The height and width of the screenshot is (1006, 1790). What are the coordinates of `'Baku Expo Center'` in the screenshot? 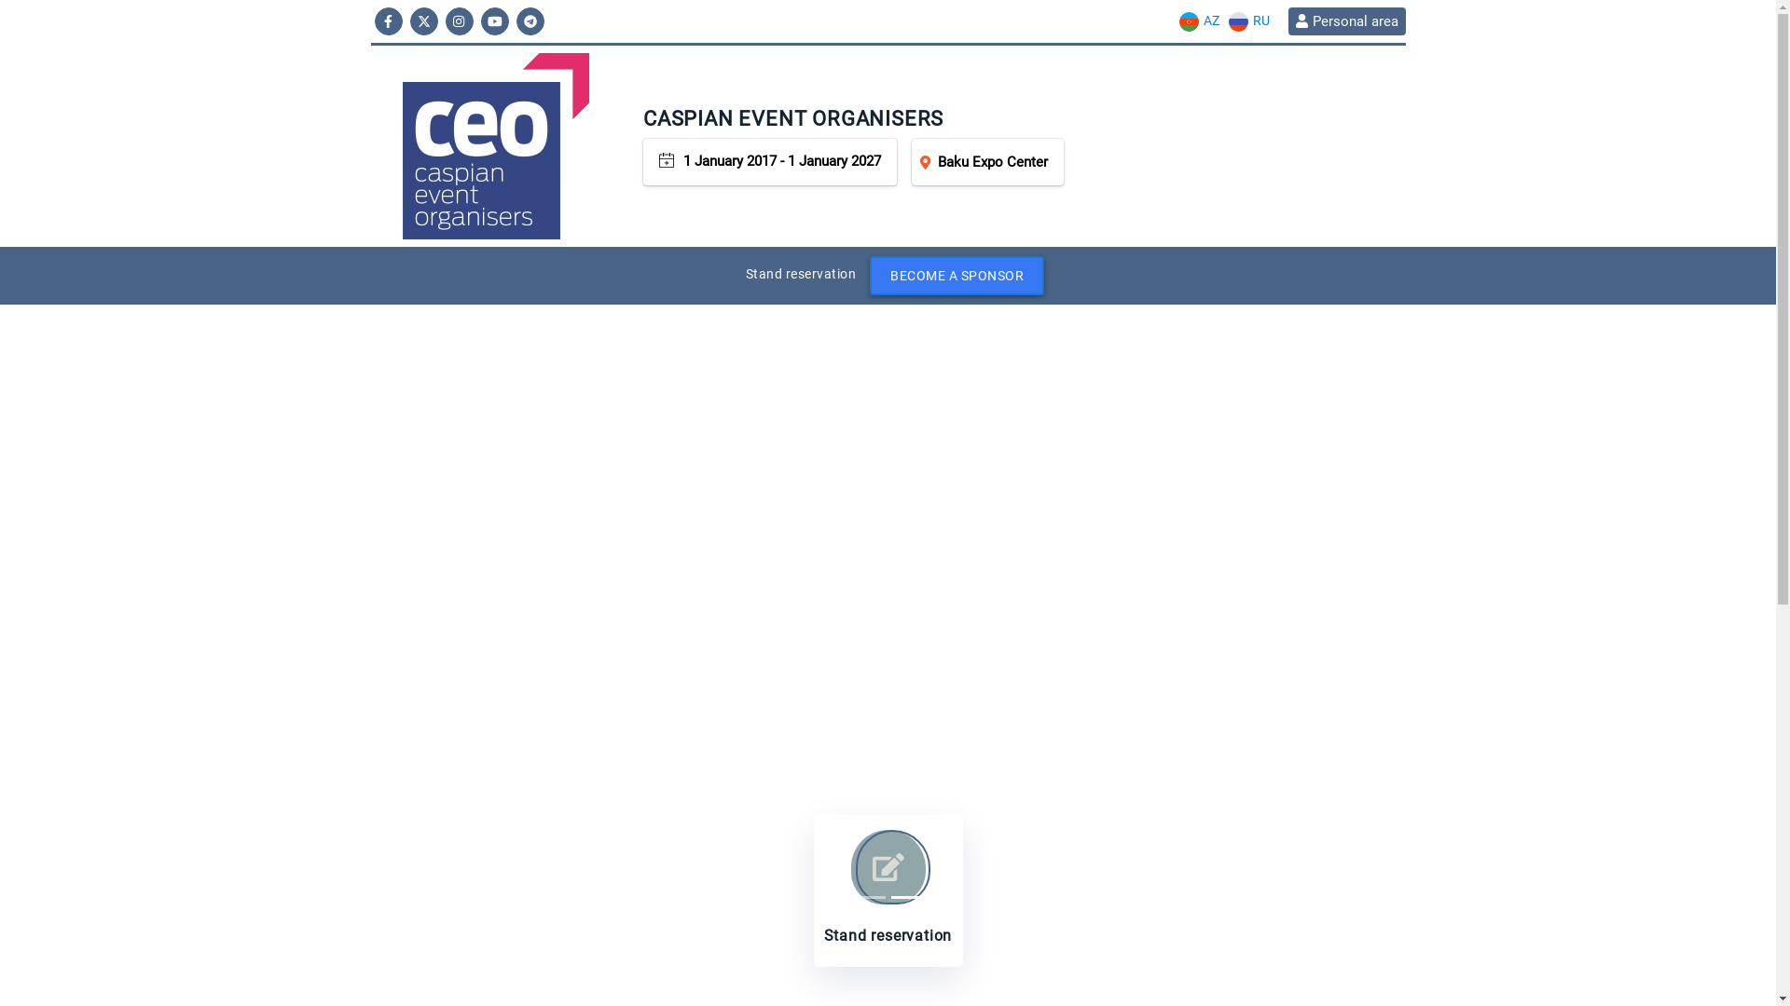 It's located at (912, 160).